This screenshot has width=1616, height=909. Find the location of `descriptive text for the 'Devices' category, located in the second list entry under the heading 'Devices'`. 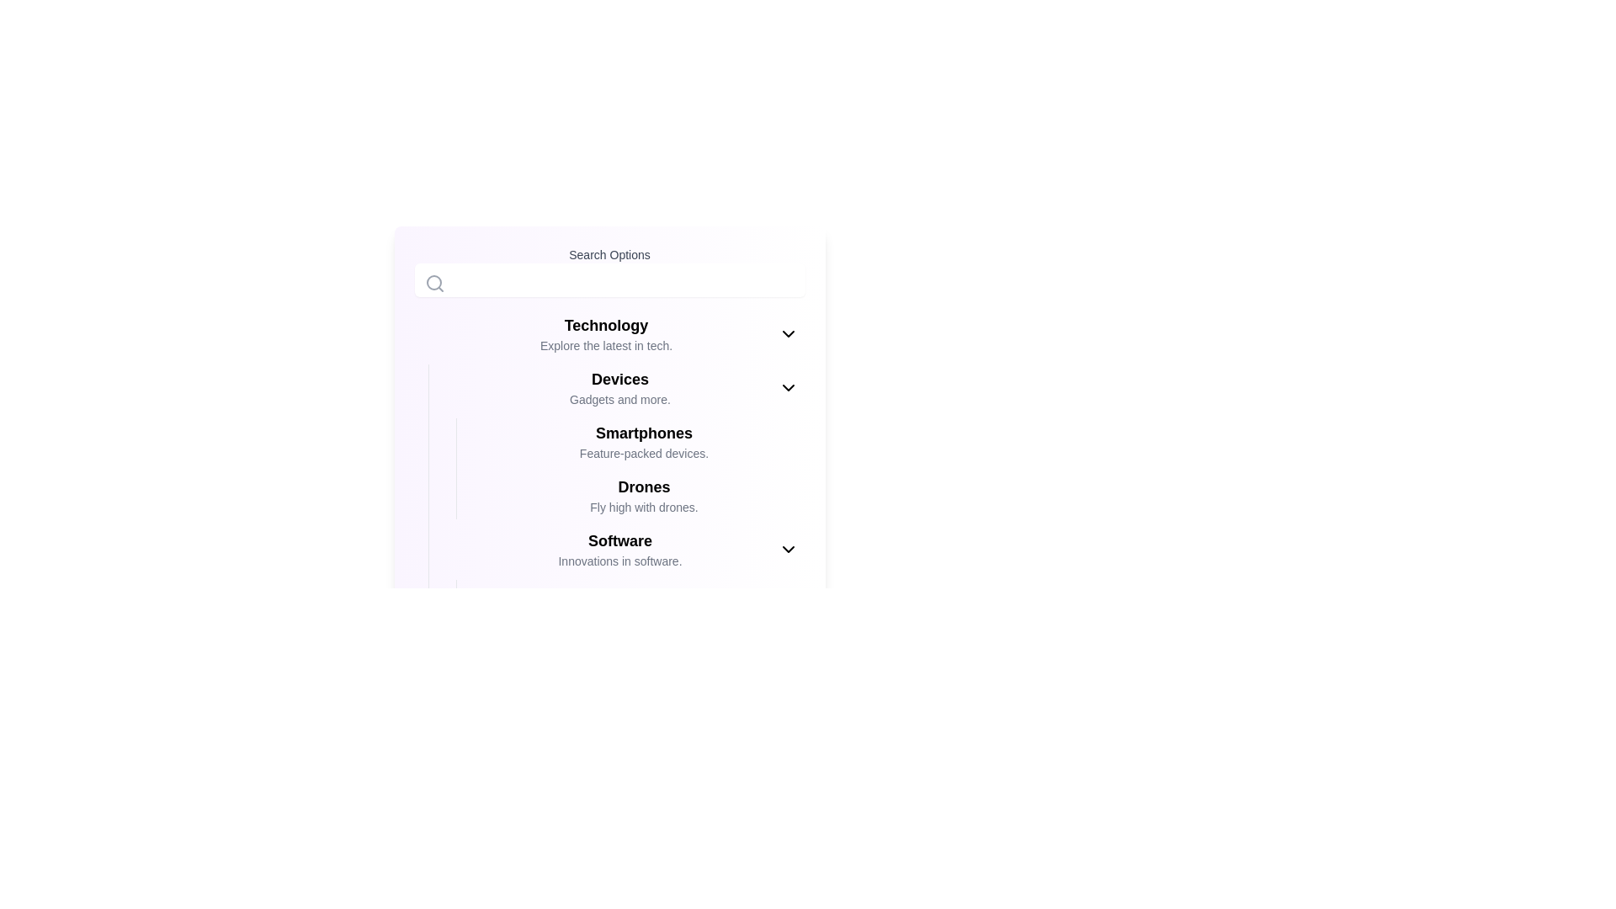

descriptive text for the 'Devices' category, located in the second list entry under the heading 'Devices' is located at coordinates (609, 396).